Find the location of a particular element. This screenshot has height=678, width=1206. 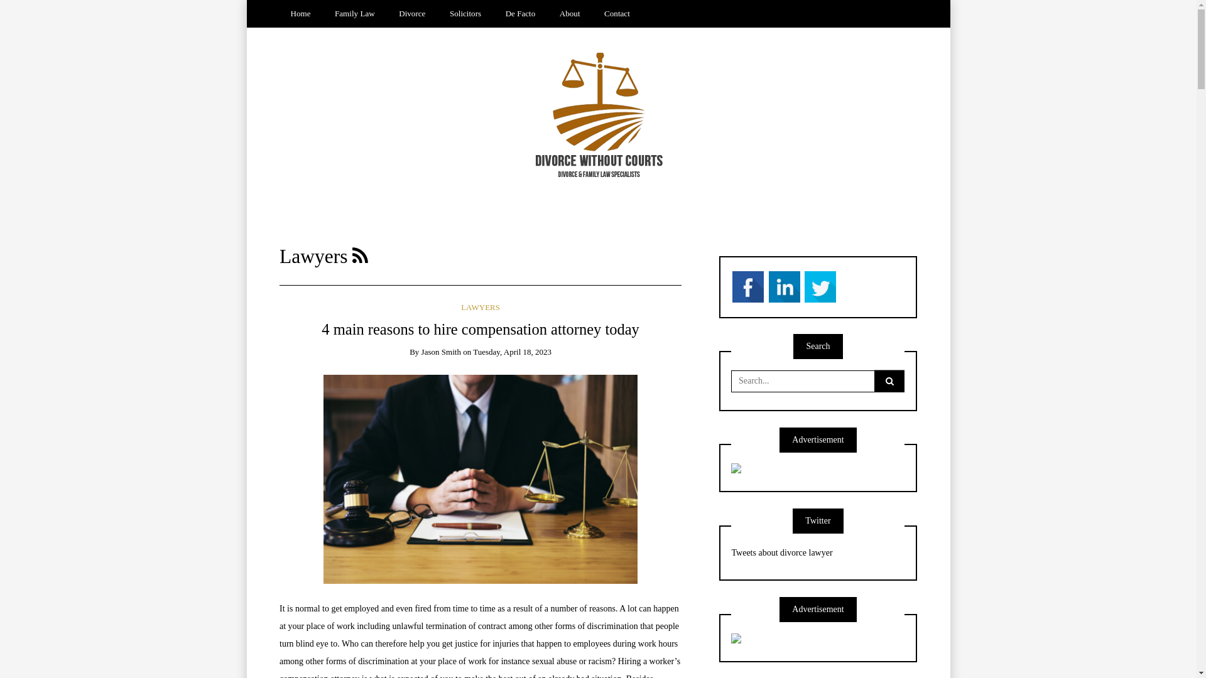

'Jason Smith' is located at coordinates (441, 352).